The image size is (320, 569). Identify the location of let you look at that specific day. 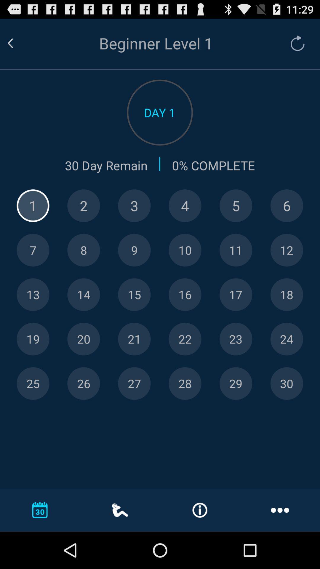
(236, 383).